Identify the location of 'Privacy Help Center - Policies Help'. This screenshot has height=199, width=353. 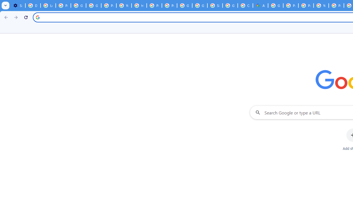
(290, 6).